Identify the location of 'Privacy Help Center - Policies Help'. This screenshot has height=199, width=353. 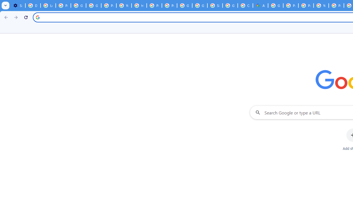
(290, 6).